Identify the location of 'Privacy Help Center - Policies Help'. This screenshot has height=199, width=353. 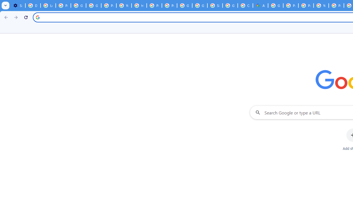
(290, 6).